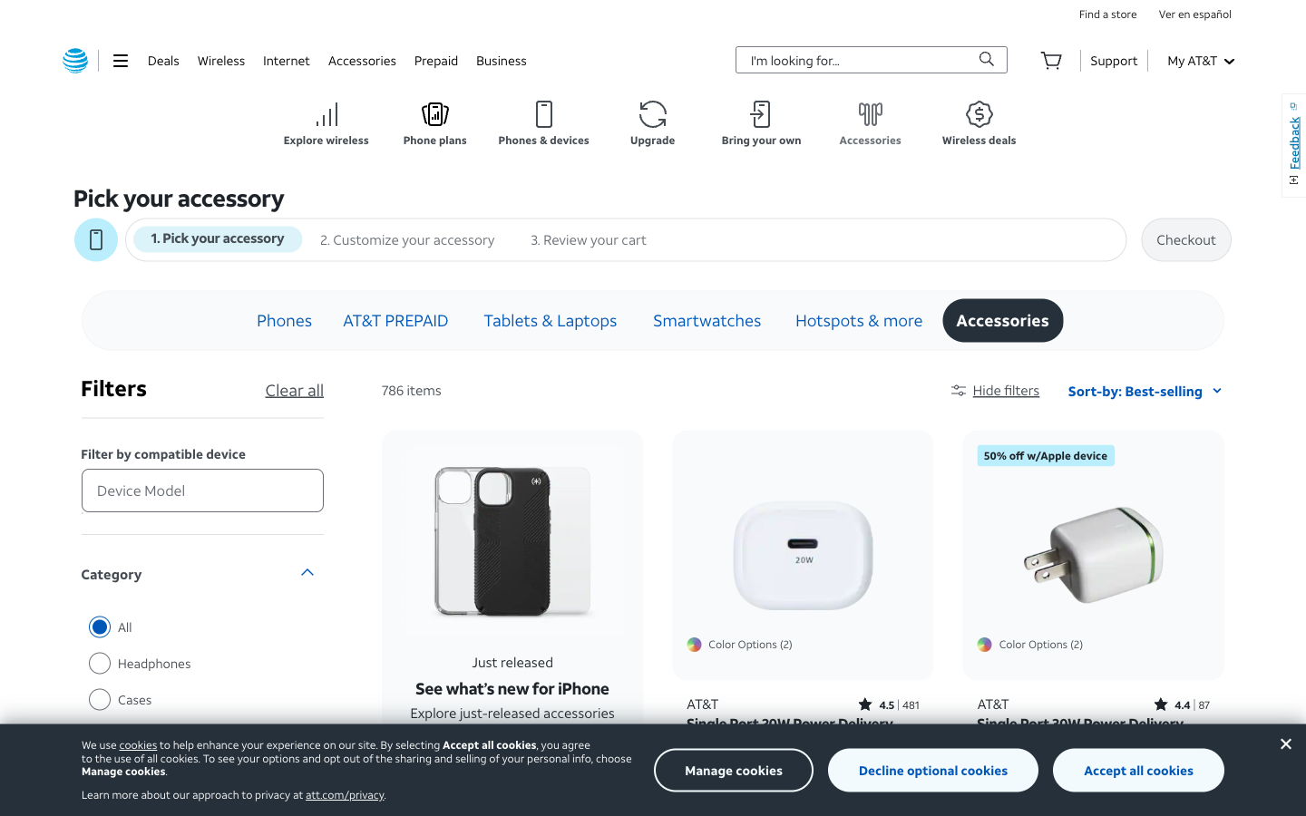  What do you see at coordinates (435, 59) in the screenshot?
I see `the prepaid plan section` at bounding box center [435, 59].